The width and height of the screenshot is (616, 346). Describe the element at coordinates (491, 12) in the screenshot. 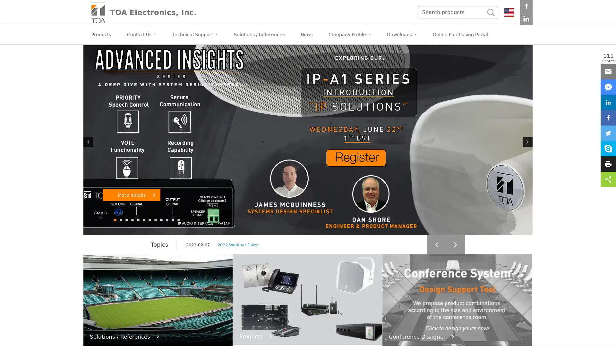

I see `Search products` at that location.